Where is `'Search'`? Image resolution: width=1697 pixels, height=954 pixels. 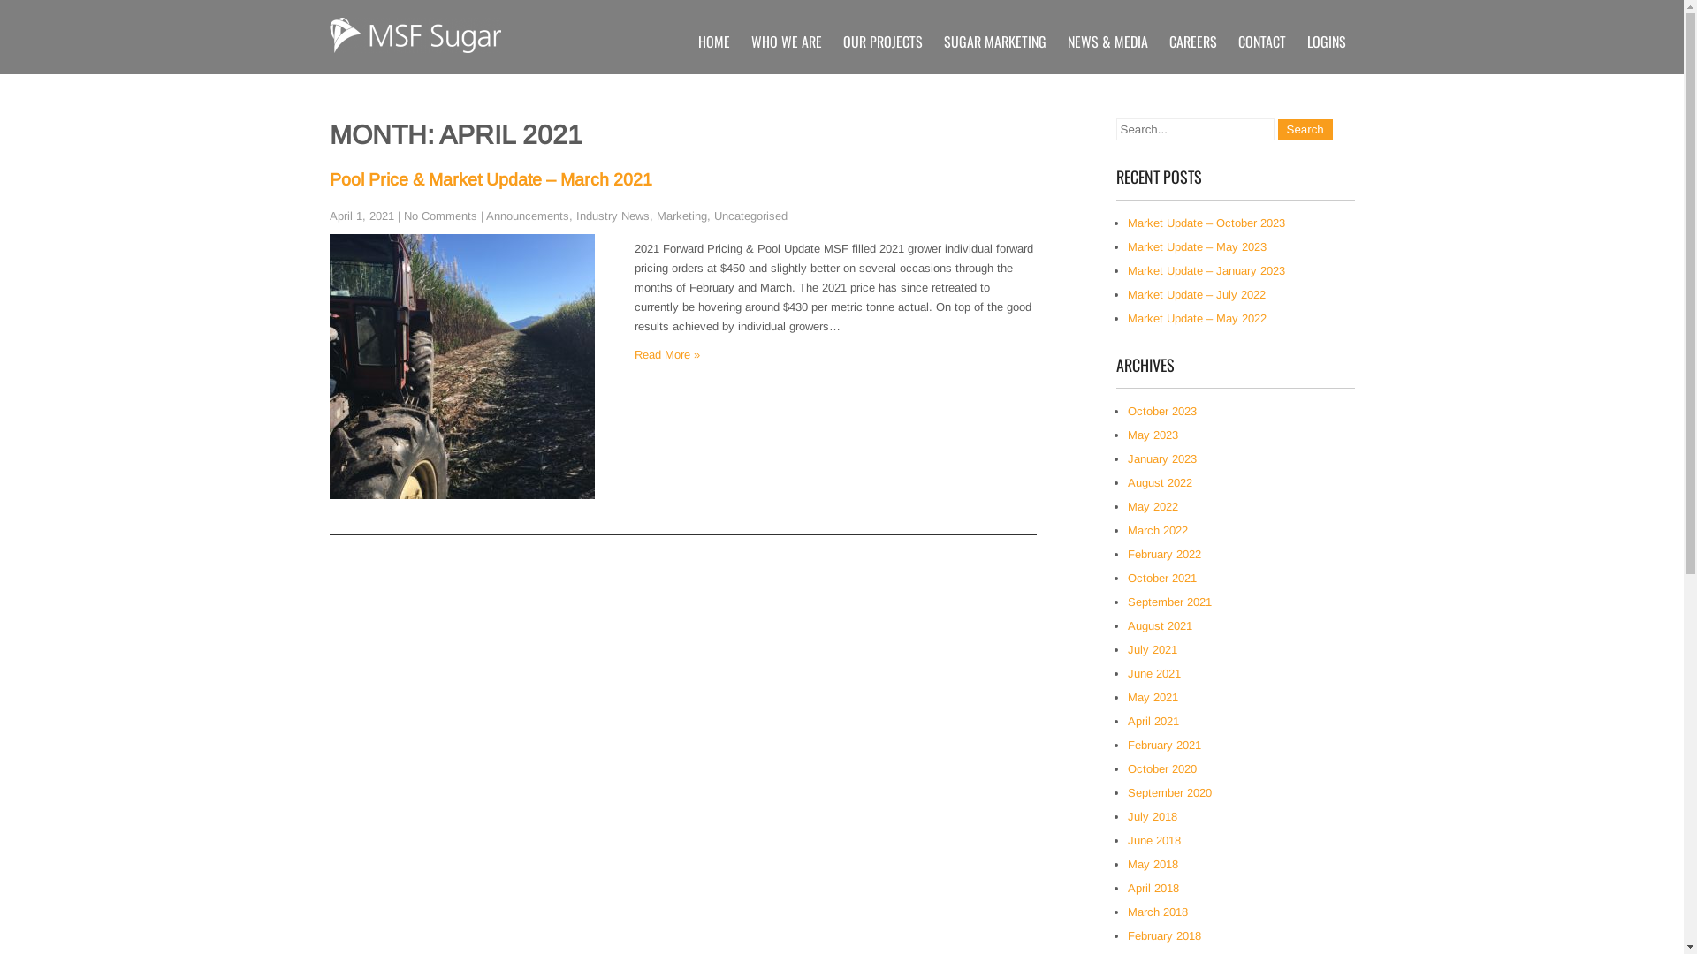
'Search' is located at coordinates (1305, 128).